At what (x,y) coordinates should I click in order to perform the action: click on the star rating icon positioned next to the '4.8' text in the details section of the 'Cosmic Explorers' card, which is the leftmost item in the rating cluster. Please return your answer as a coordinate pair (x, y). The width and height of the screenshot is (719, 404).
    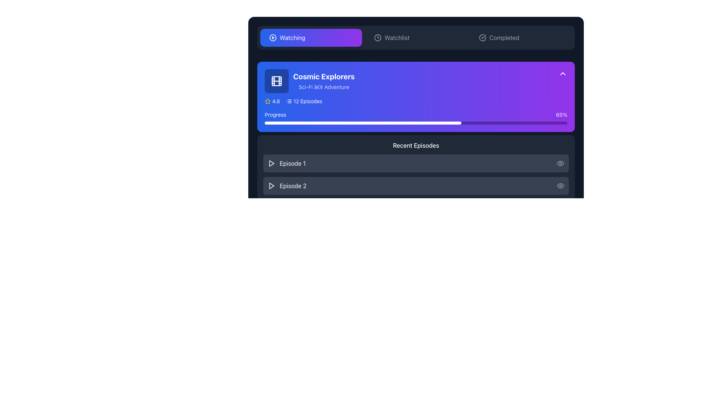
    Looking at the image, I should click on (268, 101).